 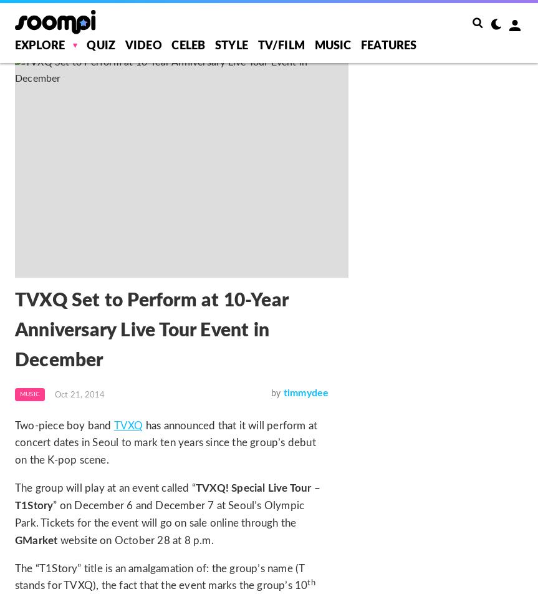 What do you see at coordinates (388, 46) in the screenshot?
I see `'Features'` at bounding box center [388, 46].